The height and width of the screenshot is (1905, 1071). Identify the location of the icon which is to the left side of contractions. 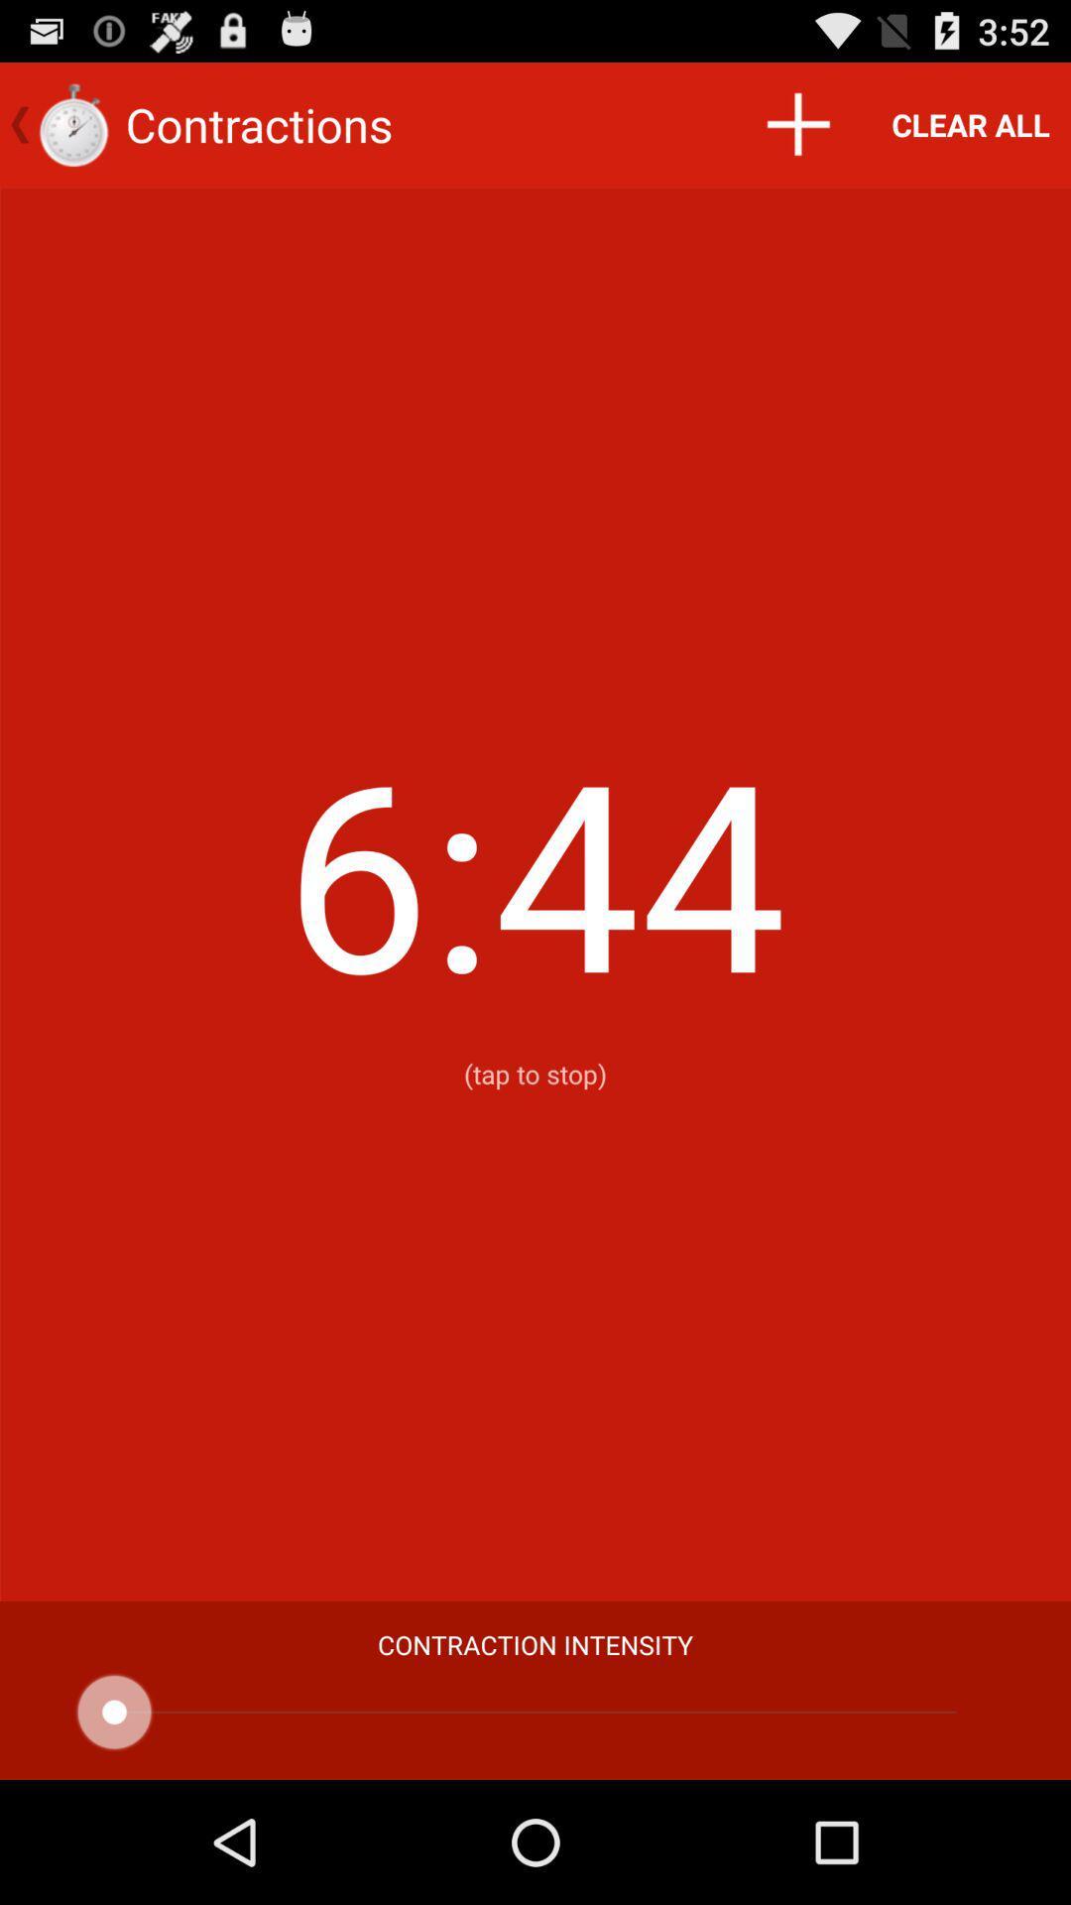
(71, 123).